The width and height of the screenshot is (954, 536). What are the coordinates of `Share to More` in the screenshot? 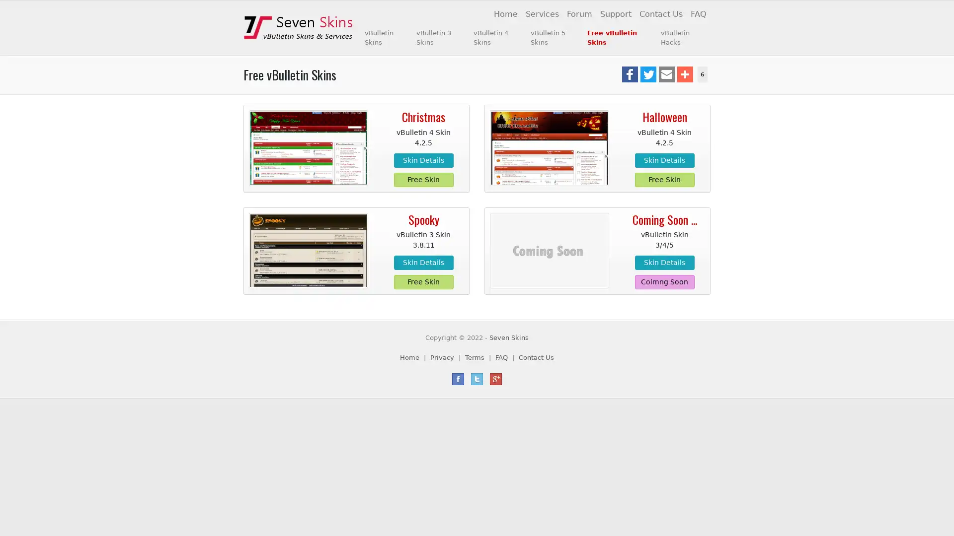 It's located at (684, 74).